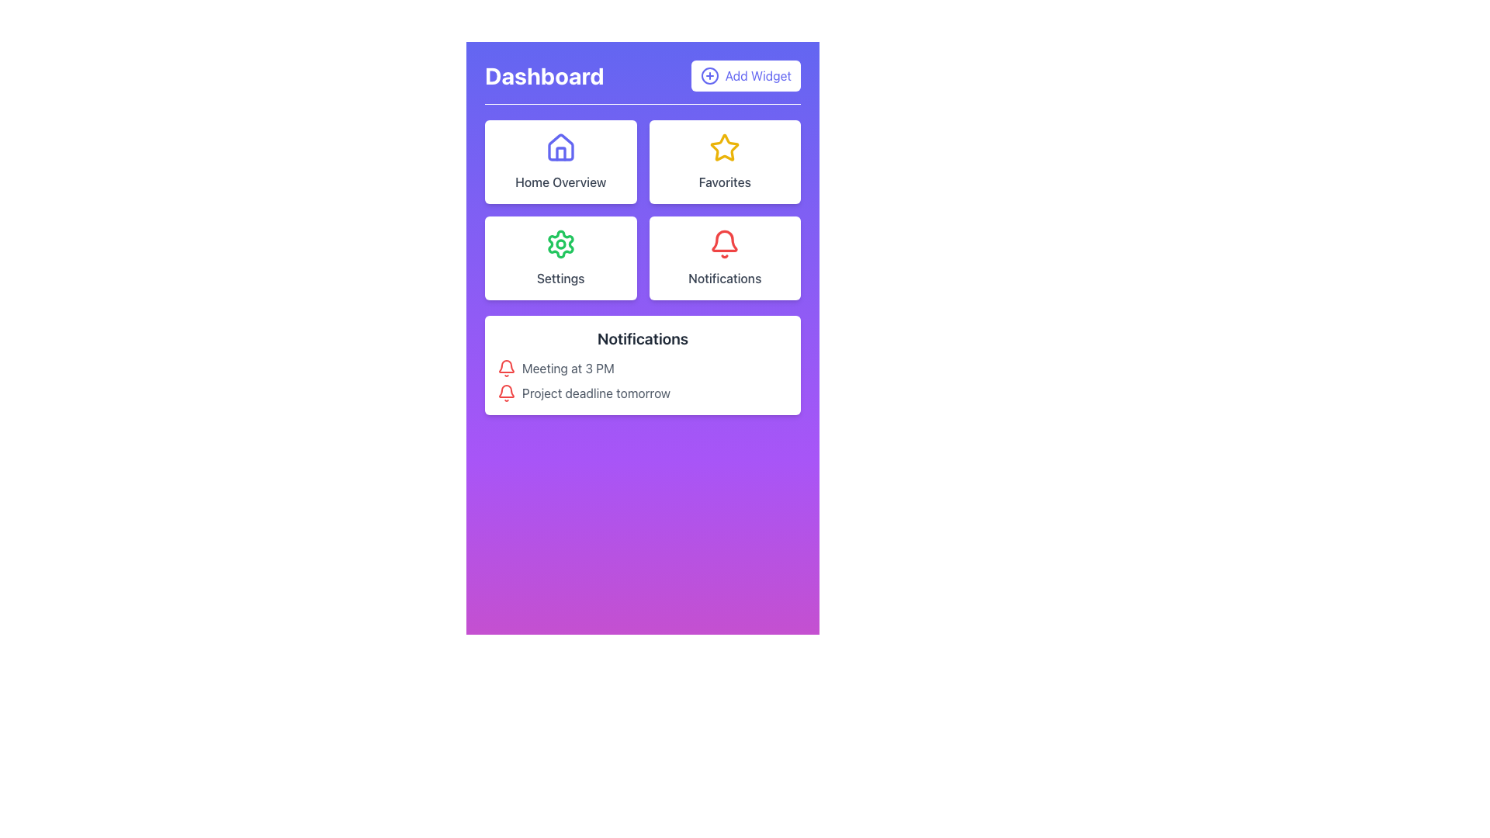 This screenshot has width=1490, height=838. Describe the element at coordinates (560, 147) in the screenshot. I see `the 'Home Overview' icon located in the top-left box of the dashboard to interact with it and redirect to the main overview page` at that location.